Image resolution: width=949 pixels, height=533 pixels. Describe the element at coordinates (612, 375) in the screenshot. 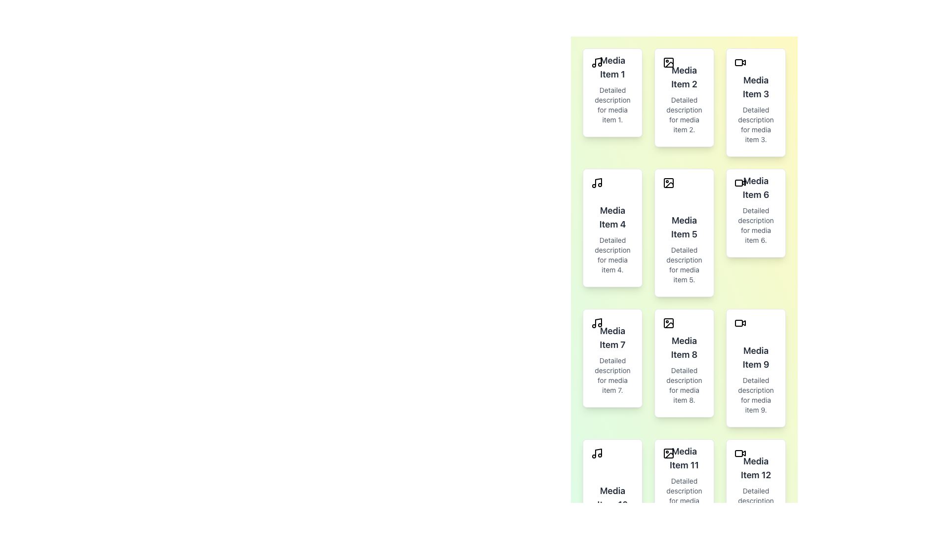

I see `the static text element containing the phrase 'Detailed description for media item 7.', which is located below the title 'Media Item 7' in the third card of the leftmost column` at that location.